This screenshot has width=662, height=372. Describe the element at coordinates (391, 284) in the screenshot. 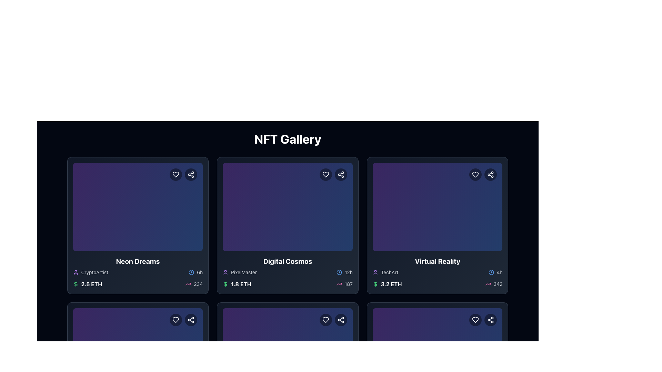

I see `displayed value '3.2 ETH' from the text element in bold white font located beneath the 'Virtual Reality' title` at that location.